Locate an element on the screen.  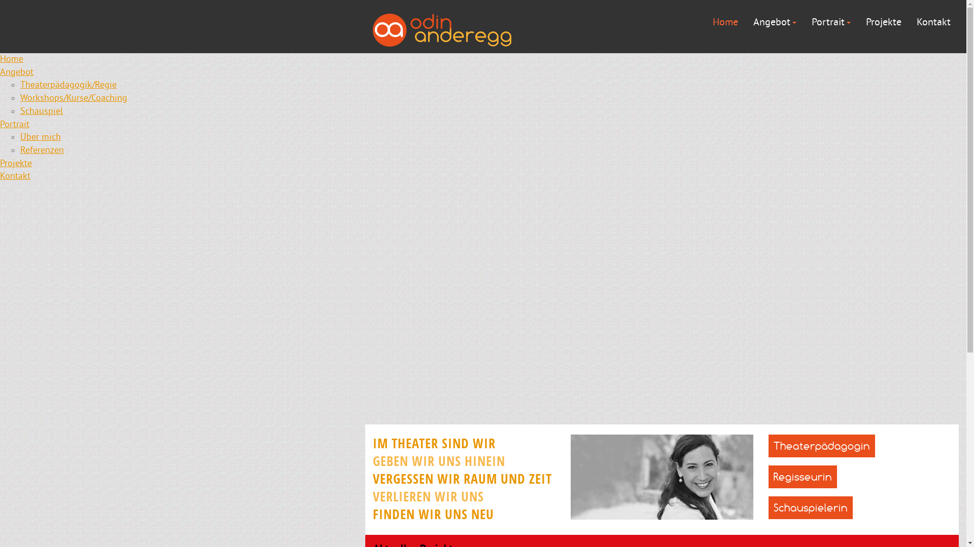
'Projekte' is located at coordinates (865, 22).